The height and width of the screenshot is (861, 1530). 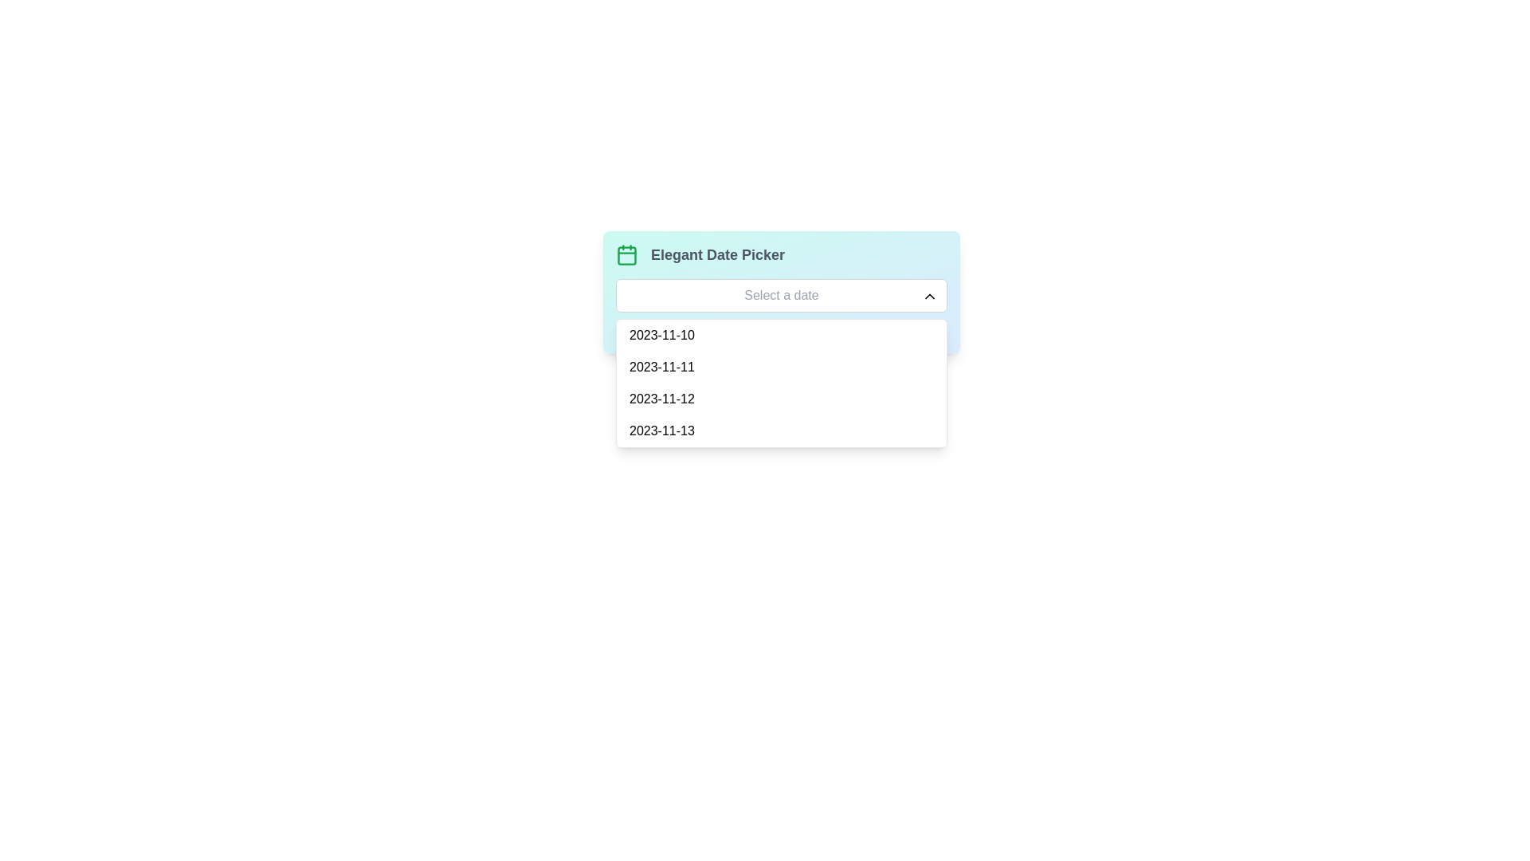 I want to click on the decorative and functional icon for the calendar or date-related functionality located at the left side of the 'Elegant Date Picker' header, so click(x=626, y=254).